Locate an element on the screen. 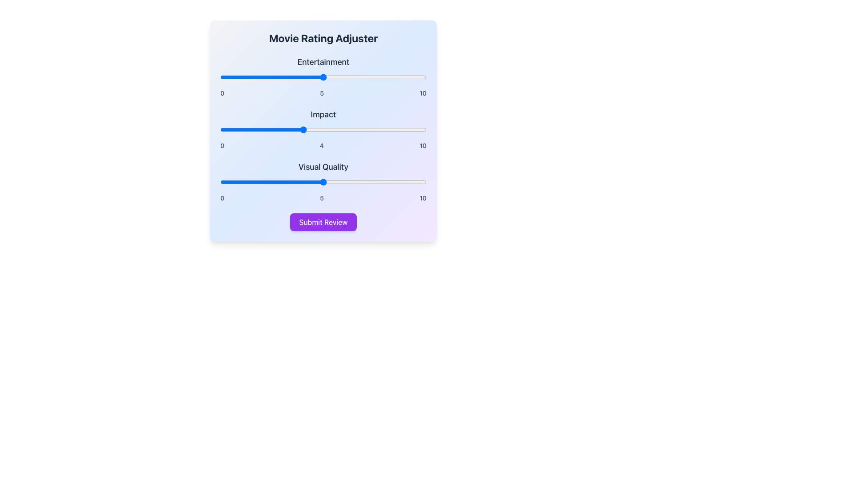 Image resolution: width=853 pixels, height=480 pixels. the small text label displaying the numeral '0', which is positioned adjacent to the 'Visual Quality' slider on the left side is located at coordinates (222, 198).